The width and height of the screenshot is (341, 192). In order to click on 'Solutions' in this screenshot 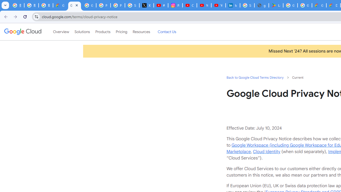, I will do `click(82, 32)`.